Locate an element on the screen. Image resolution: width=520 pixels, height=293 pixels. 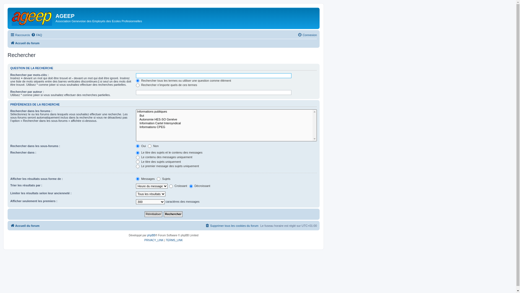
'Rechercher' is located at coordinates (163, 214).